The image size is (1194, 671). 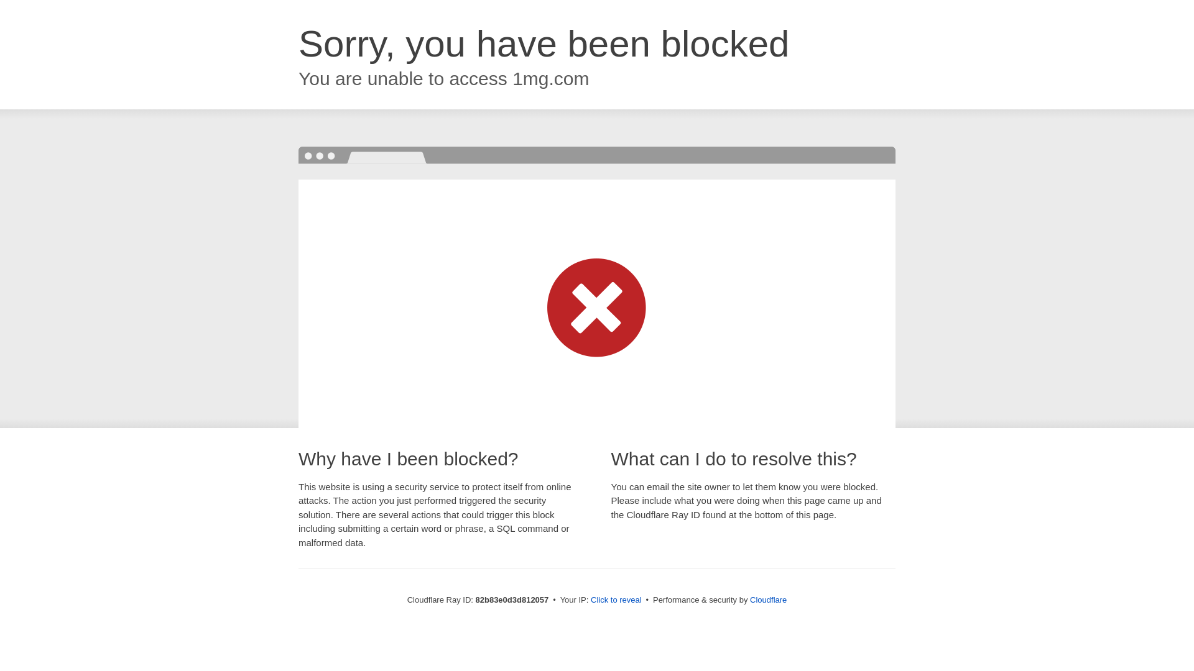 I want to click on 'Cloudflare', so click(x=749, y=599).